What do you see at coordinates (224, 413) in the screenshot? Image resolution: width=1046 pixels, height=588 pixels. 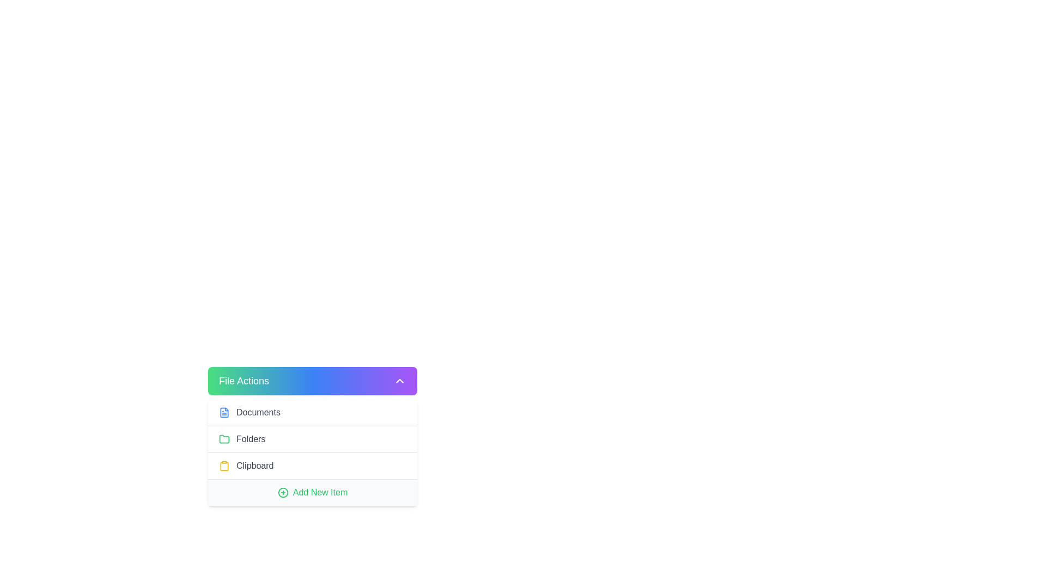 I see `the blue-colored document icon located to the left of the 'Documents' text in the 'File Actions' dropdown menu` at bounding box center [224, 413].